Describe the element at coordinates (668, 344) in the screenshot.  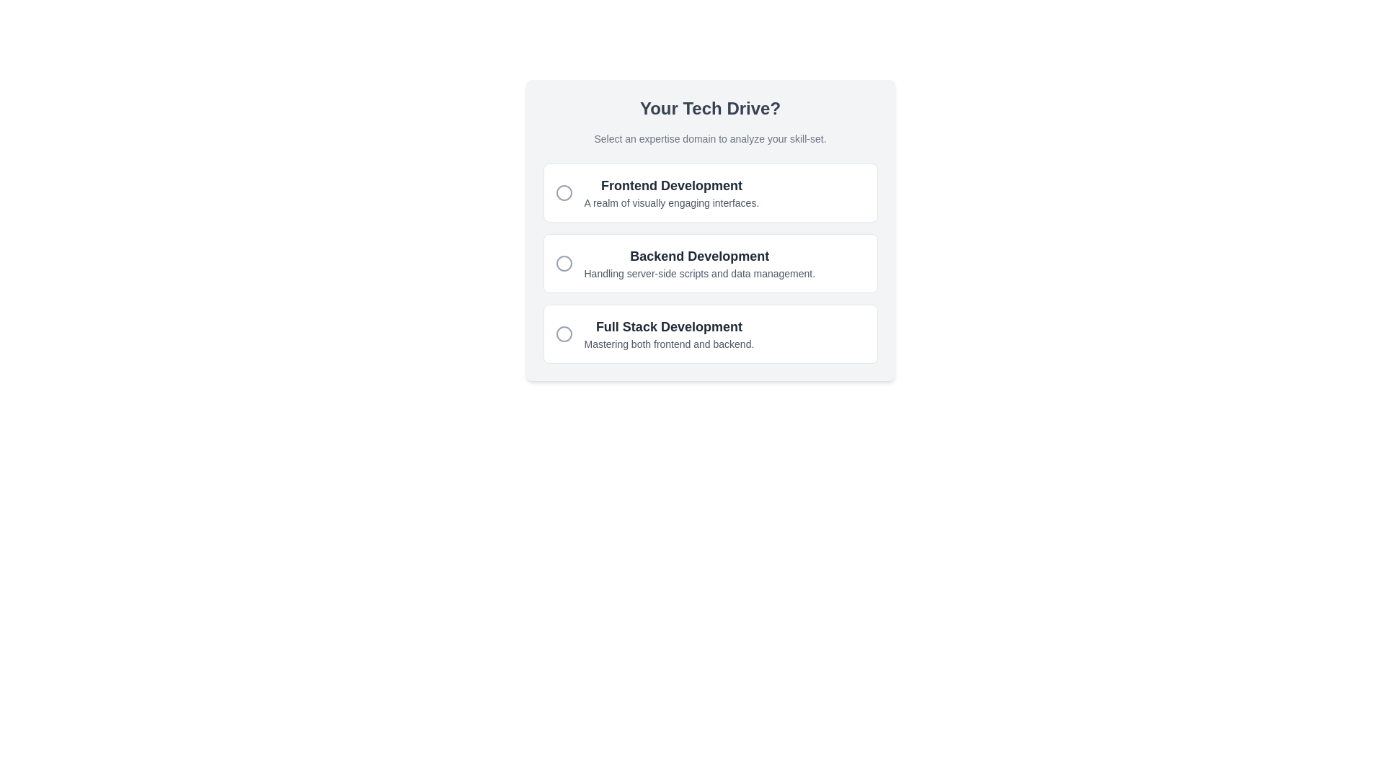
I see `the descriptive text located at the center-bottom of the 'Full Stack Development' card, positioned beneath the title text 'Full Stack Development'` at that location.